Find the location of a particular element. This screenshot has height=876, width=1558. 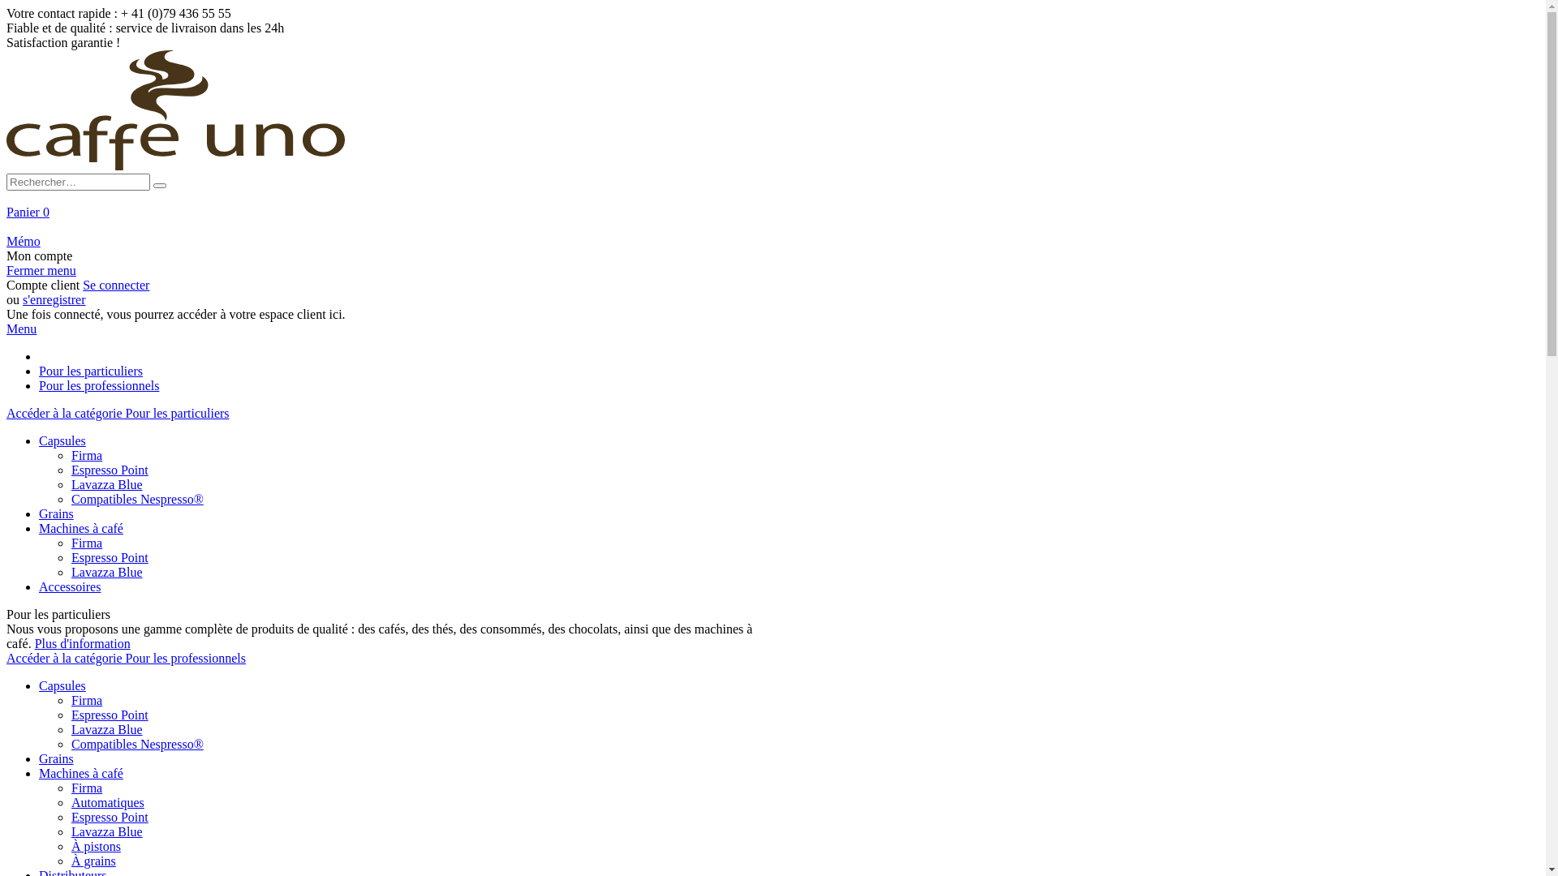

'Capsules' is located at coordinates (62, 685).